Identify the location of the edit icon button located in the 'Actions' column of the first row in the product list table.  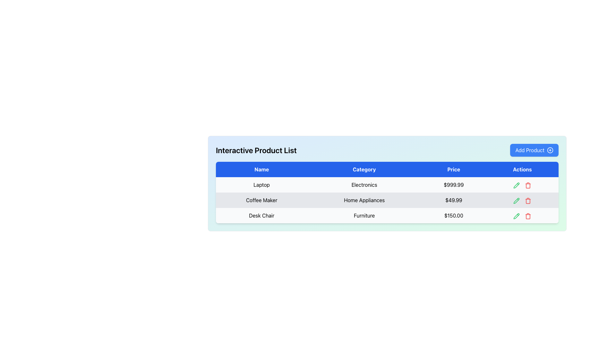
(517, 185).